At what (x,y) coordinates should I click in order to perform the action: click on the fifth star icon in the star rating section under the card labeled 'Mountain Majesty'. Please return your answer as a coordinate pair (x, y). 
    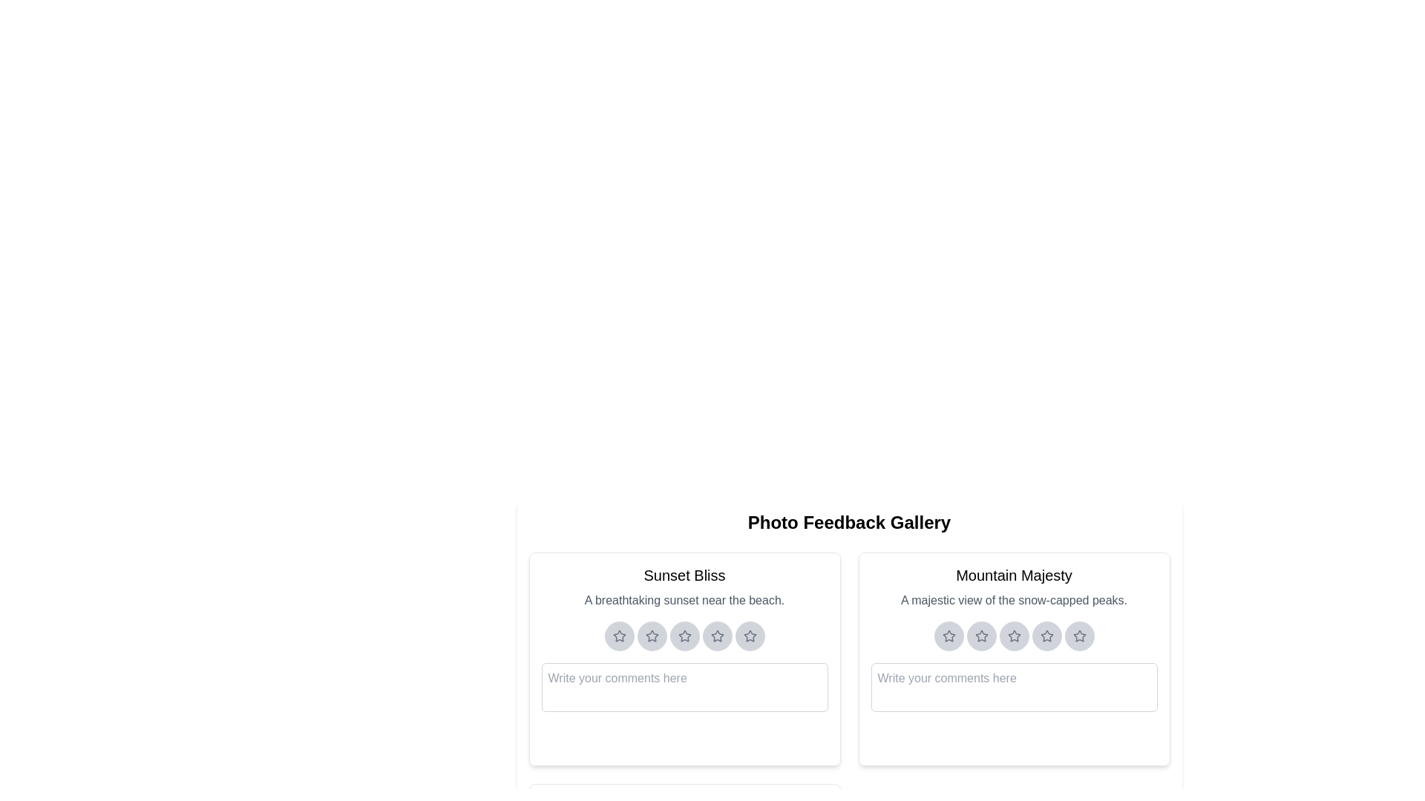
    Looking at the image, I should click on (1079, 634).